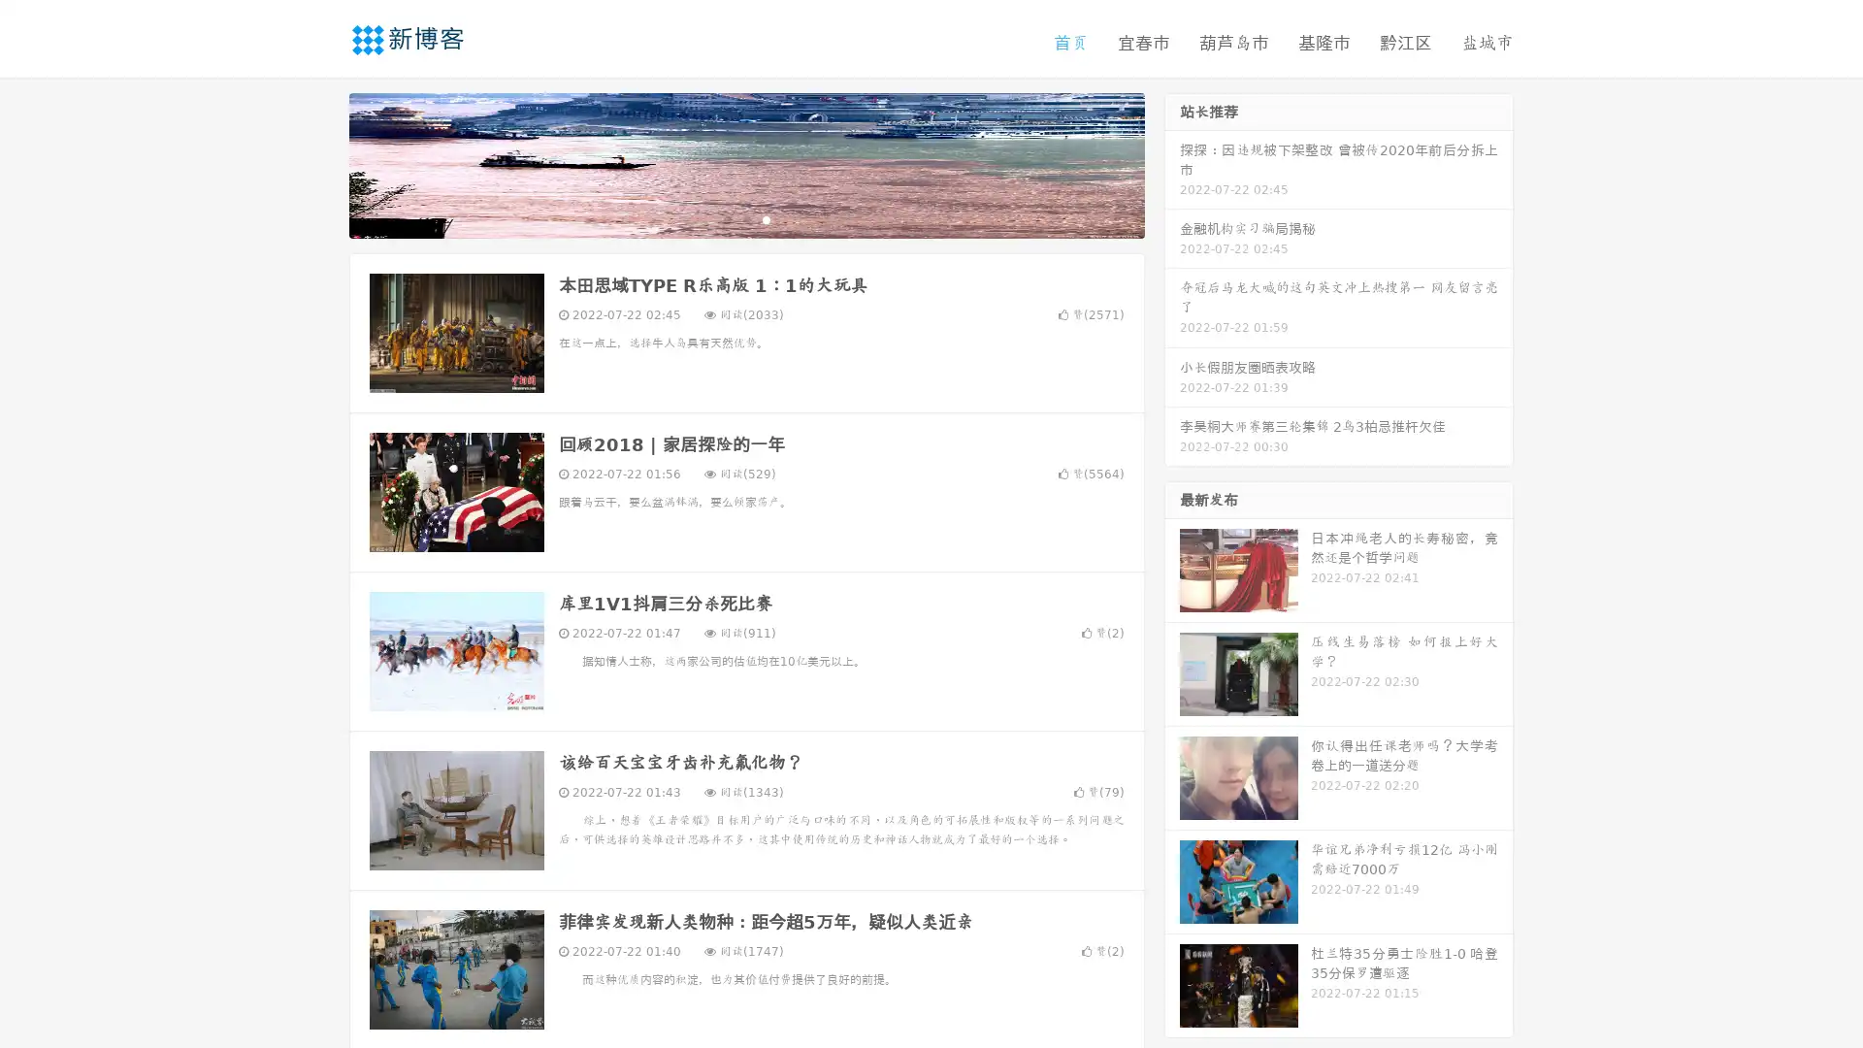 This screenshot has height=1048, width=1863. Describe the element at coordinates (745, 218) in the screenshot. I see `Go to slide 2` at that location.